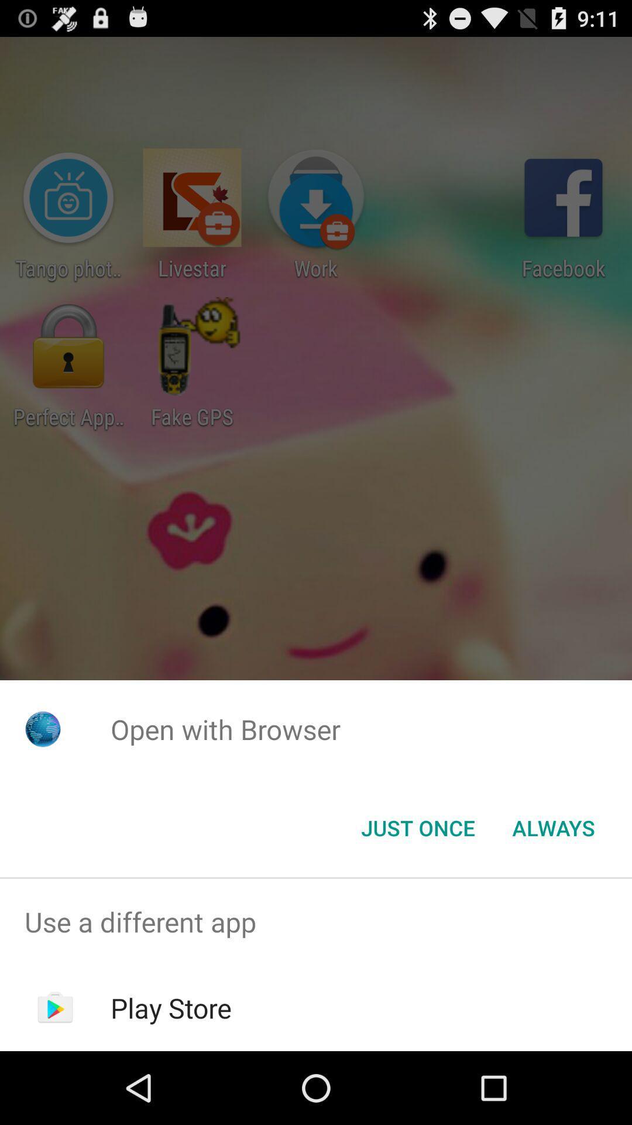 Image resolution: width=632 pixels, height=1125 pixels. What do you see at coordinates (553, 827) in the screenshot?
I see `the app below the open with browser icon` at bounding box center [553, 827].